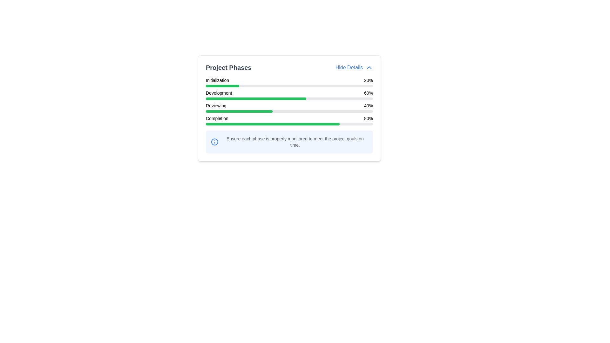 The height and width of the screenshot is (343, 610). Describe the element at coordinates (289, 107) in the screenshot. I see `the 'Reviewing' progress bar` at that location.